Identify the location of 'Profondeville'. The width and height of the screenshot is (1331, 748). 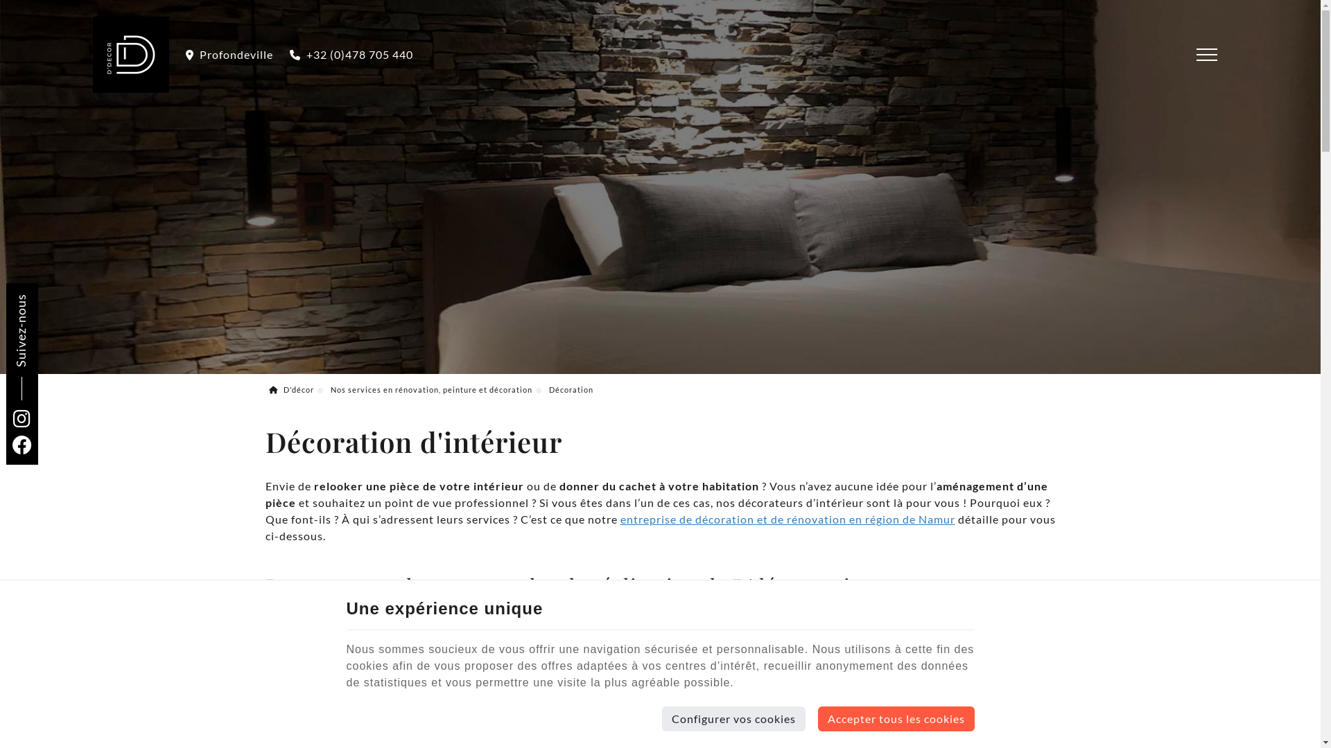
(229, 53).